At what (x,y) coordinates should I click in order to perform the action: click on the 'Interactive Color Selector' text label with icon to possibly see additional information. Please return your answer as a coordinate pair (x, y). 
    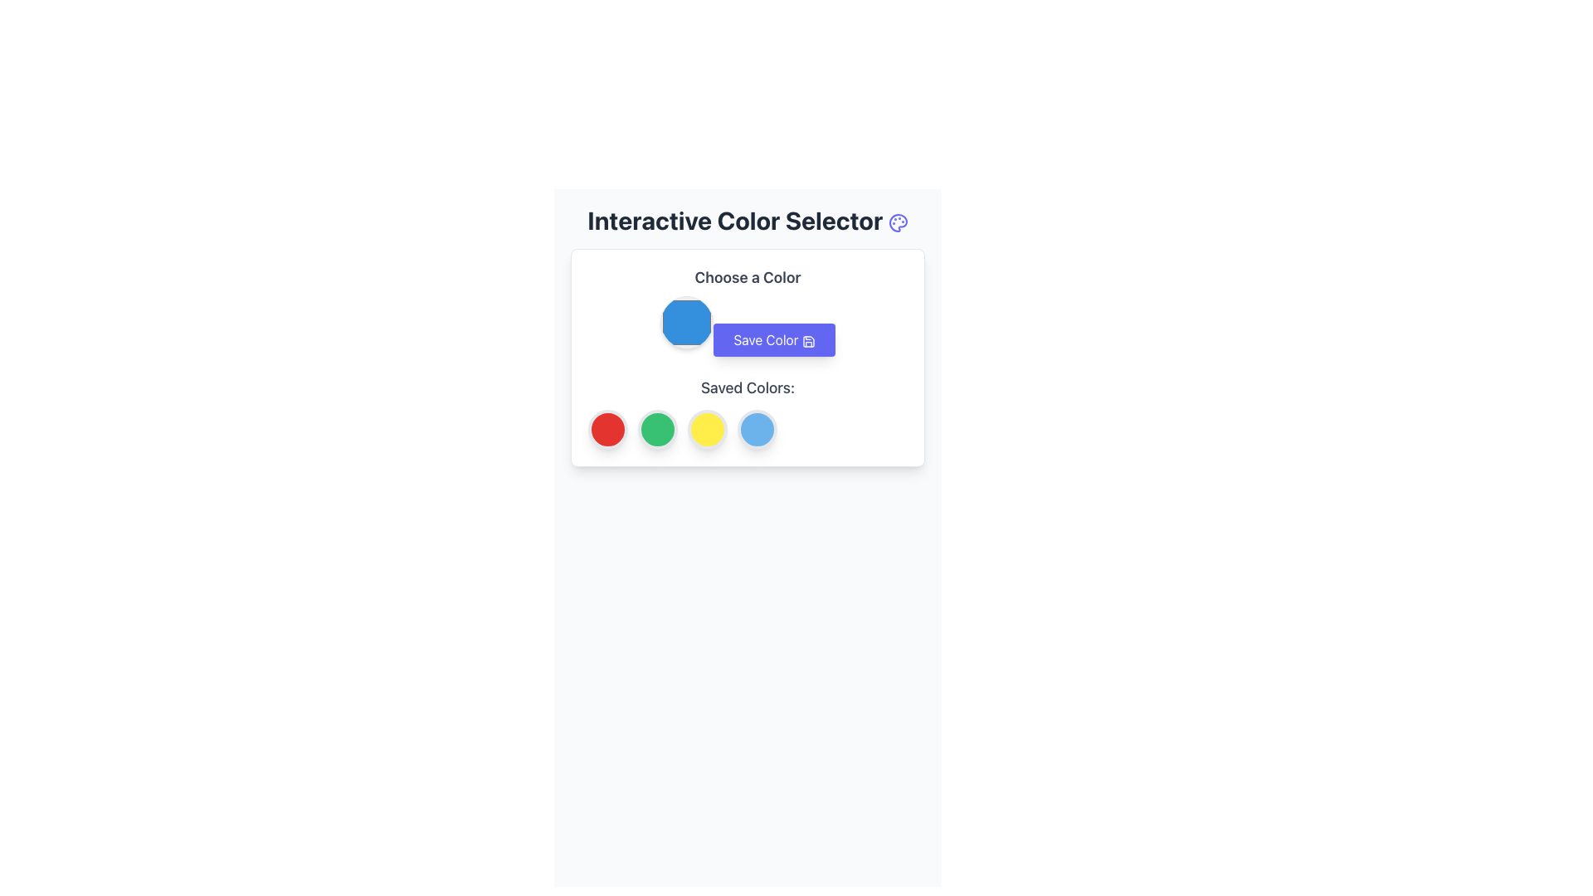
    Looking at the image, I should click on (747, 220).